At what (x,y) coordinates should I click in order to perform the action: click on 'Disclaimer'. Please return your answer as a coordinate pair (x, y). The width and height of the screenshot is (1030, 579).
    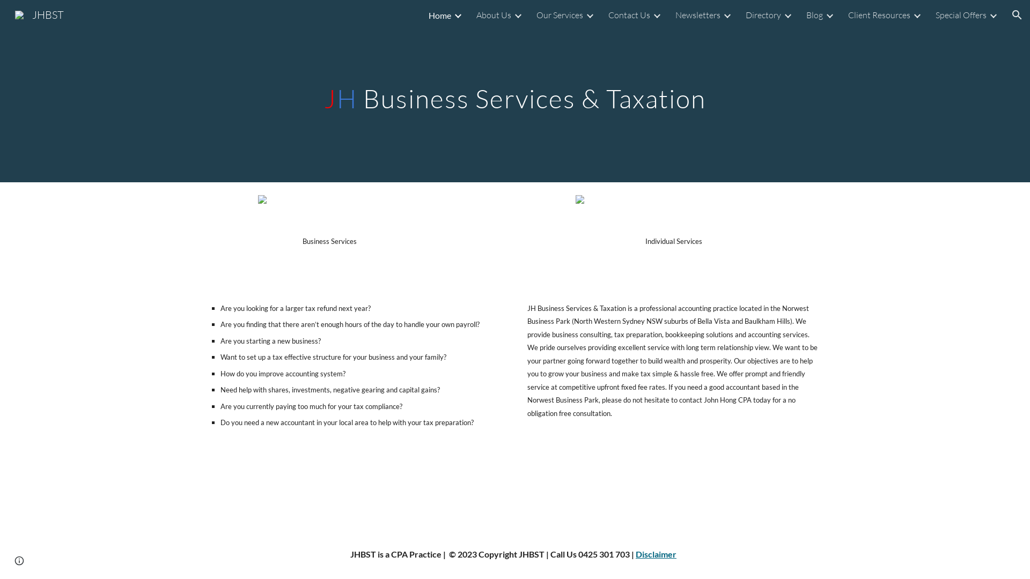
    Looking at the image, I should click on (656, 554).